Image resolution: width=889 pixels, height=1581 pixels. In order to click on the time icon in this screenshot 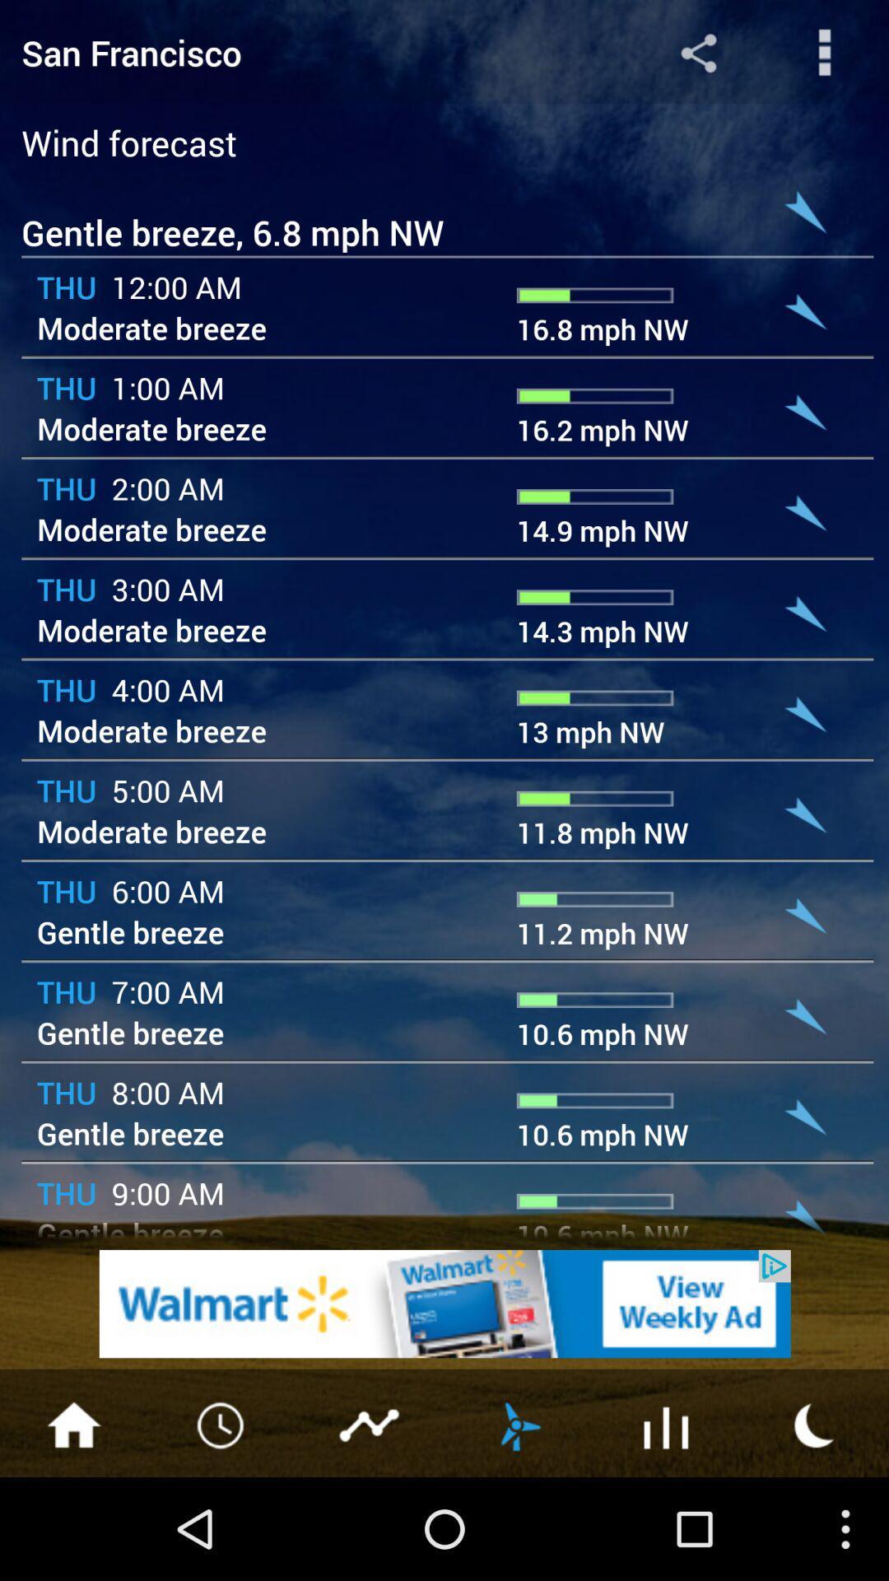, I will do `click(222, 1523)`.